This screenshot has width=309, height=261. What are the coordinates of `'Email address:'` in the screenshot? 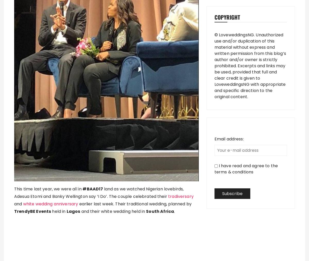 It's located at (228, 139).